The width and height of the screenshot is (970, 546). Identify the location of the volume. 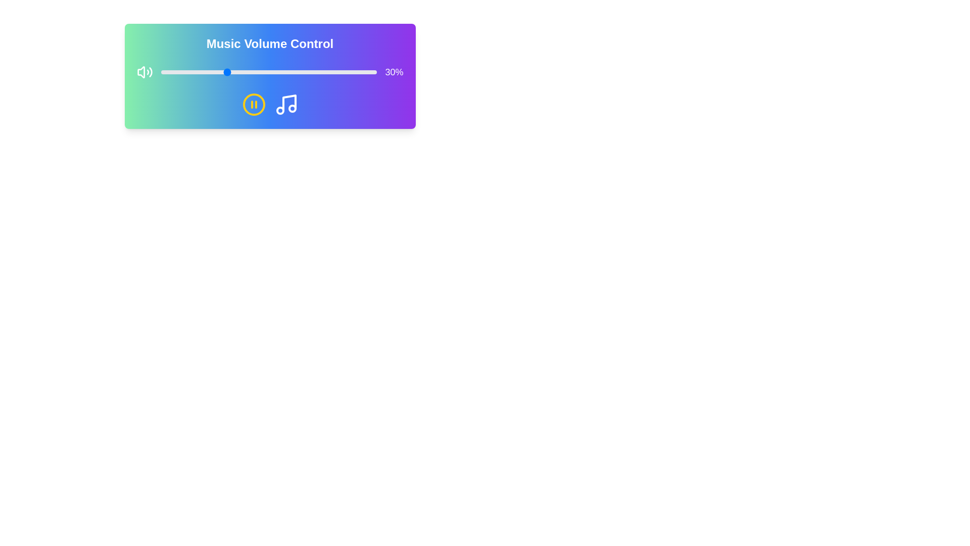
(238, 71).